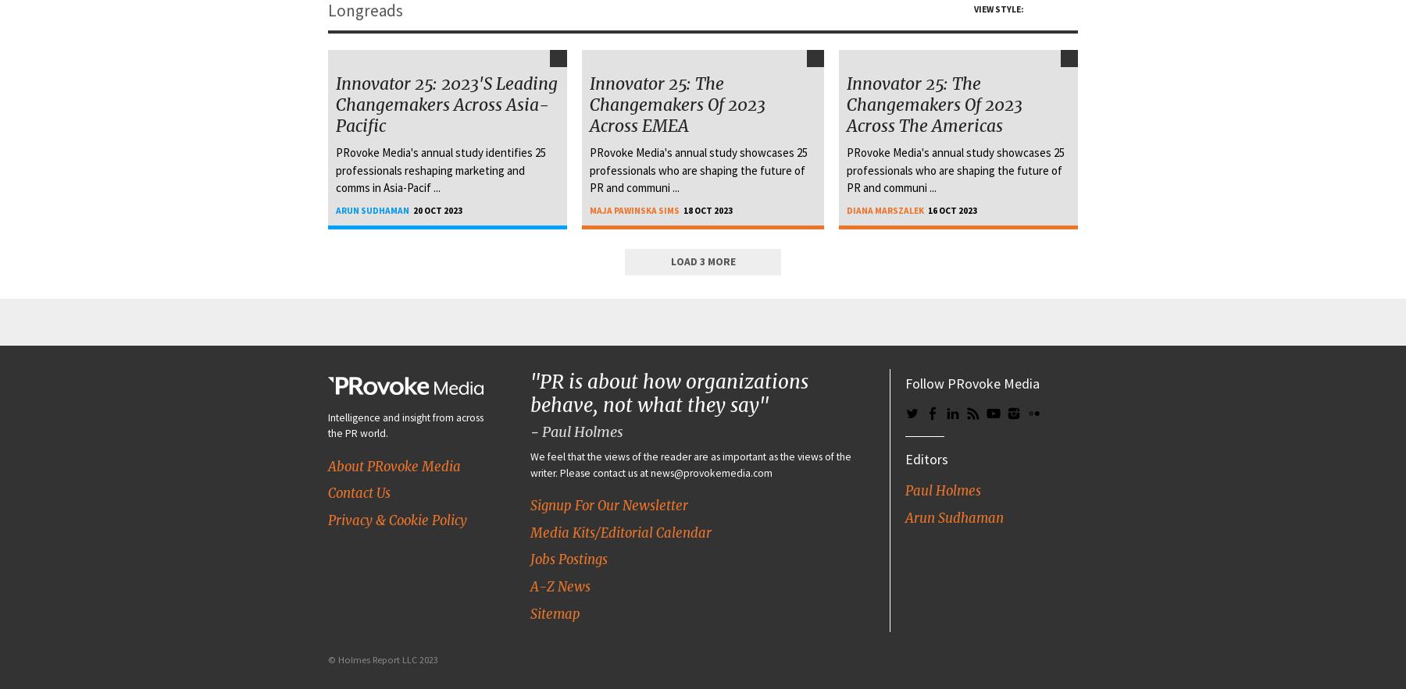  Describe the element at coordinates (998, 9) in the screenshot. I see `'View Style:'` at that location.